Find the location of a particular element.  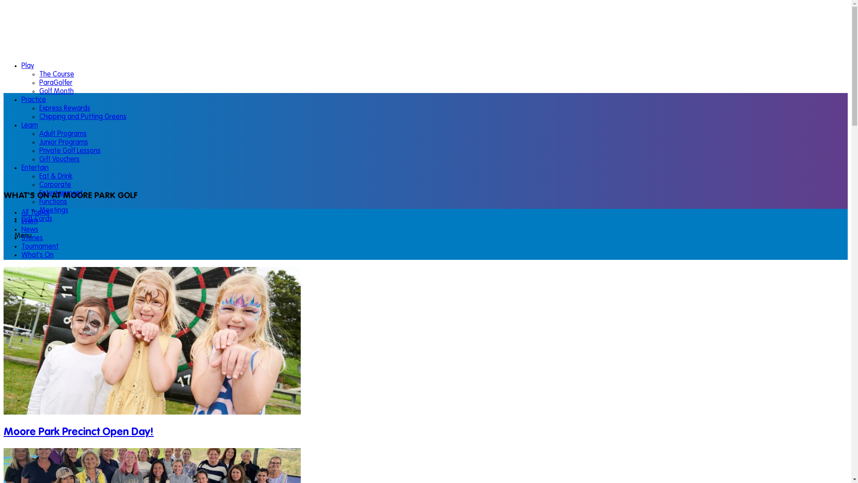

'Adult Programs' is located at coordinates (38, 134).